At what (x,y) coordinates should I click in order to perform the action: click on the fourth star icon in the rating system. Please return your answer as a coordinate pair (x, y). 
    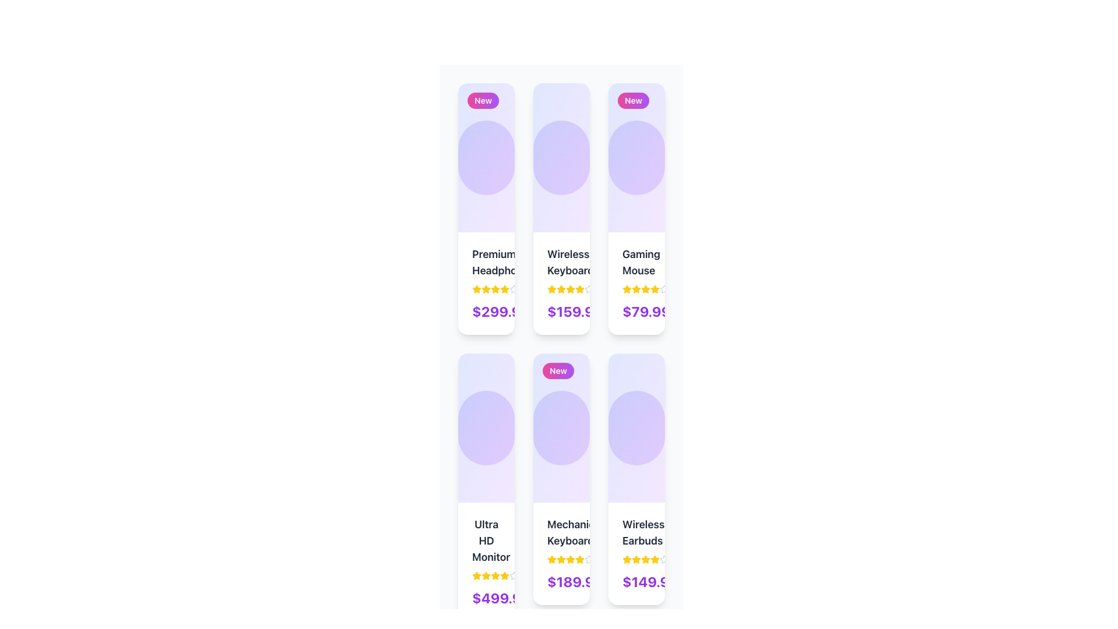
    Looking at the image, I should click on (495, 289).